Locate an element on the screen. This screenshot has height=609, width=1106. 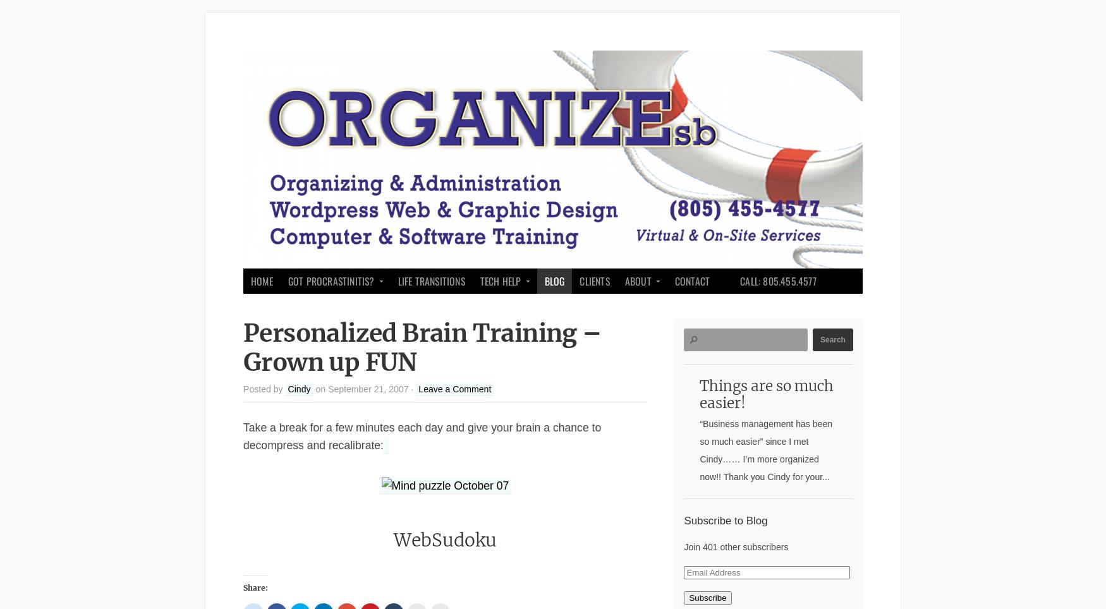
'Leave a Comment' is located at coordinates (454, 389).